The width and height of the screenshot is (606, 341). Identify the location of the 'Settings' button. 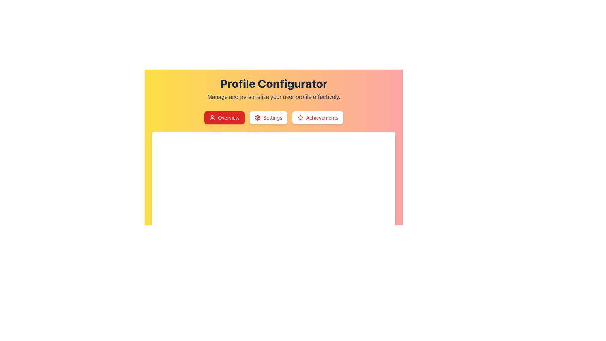
(273, 118).